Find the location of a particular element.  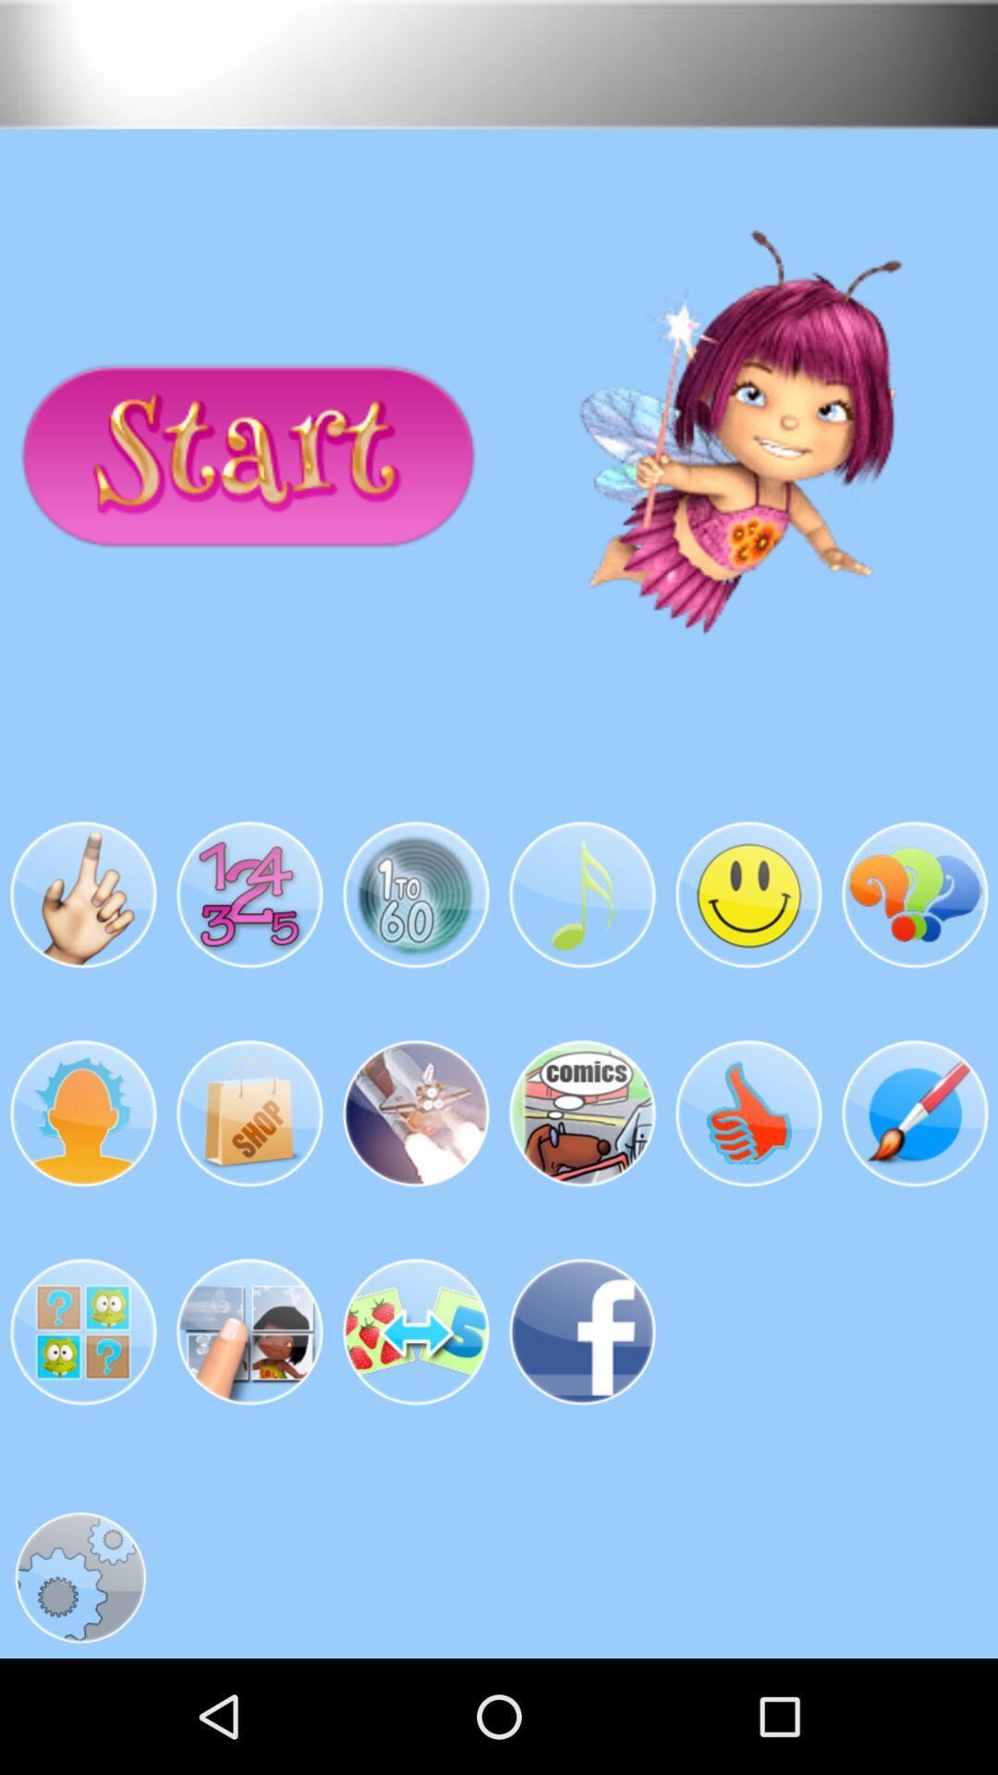

the facebook icon is located at coordinates (580, 1425).